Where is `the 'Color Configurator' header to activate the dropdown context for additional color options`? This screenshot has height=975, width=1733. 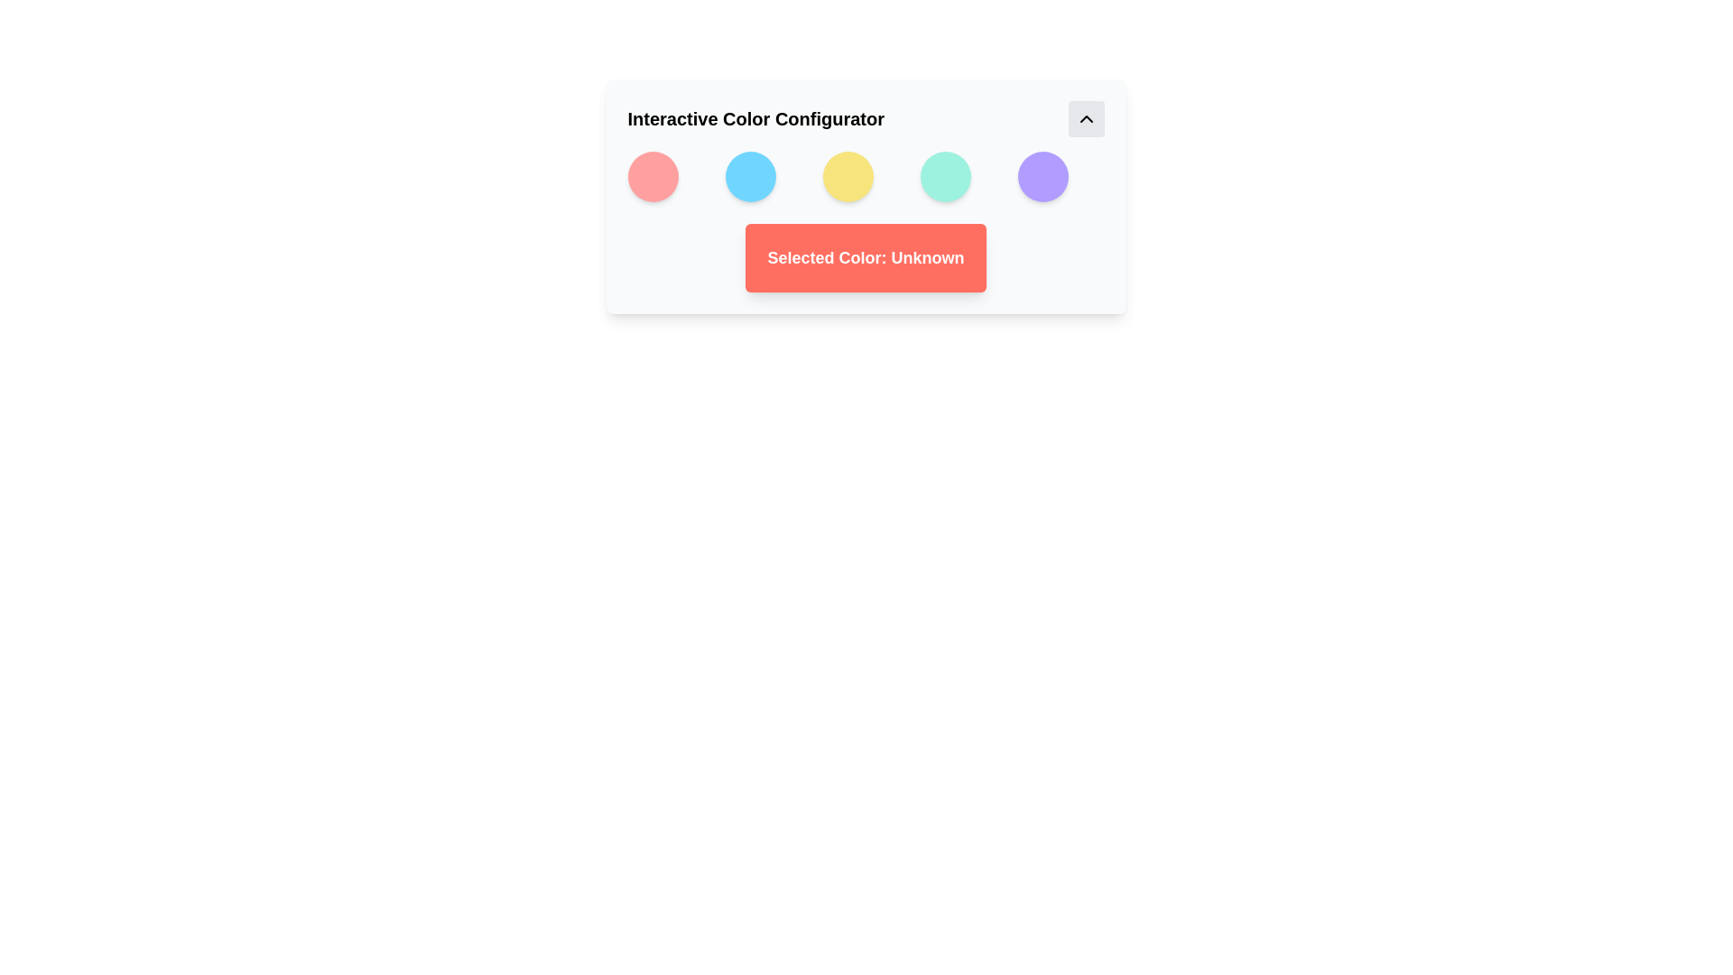
the 'Color Configurator' header to activate the dropdown context for additional color options is located at coordinates (865, 118).